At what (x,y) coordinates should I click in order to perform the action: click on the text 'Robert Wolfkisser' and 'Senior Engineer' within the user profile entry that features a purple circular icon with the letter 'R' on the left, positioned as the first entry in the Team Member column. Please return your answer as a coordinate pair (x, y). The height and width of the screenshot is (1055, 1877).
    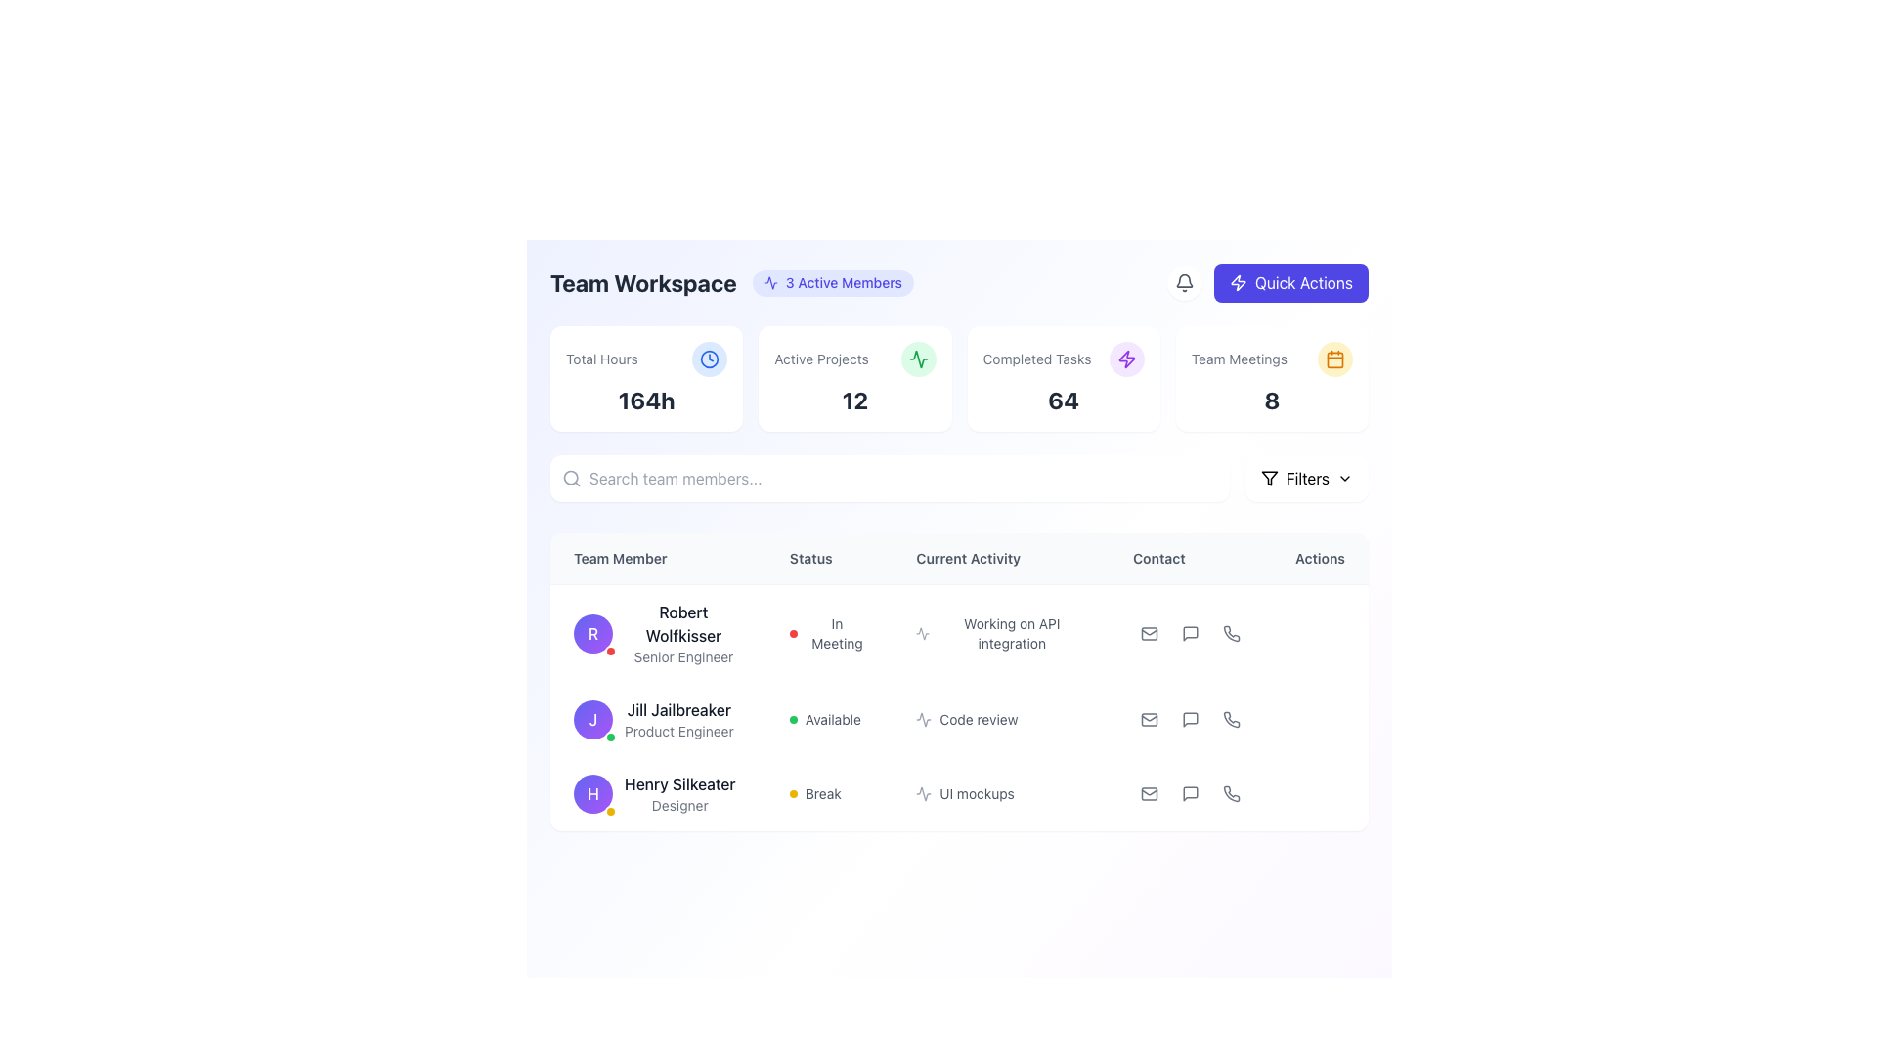
    Looking at the image, I should click on (658, 633).